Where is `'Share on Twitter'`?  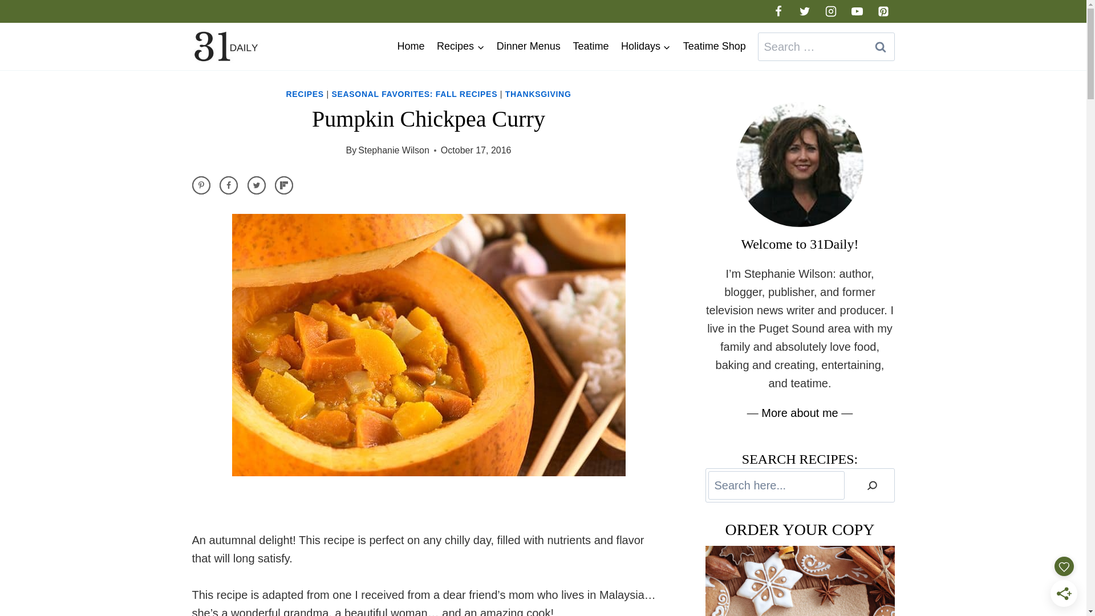
'Share on Twitter' is located at coordinates (256, 184).